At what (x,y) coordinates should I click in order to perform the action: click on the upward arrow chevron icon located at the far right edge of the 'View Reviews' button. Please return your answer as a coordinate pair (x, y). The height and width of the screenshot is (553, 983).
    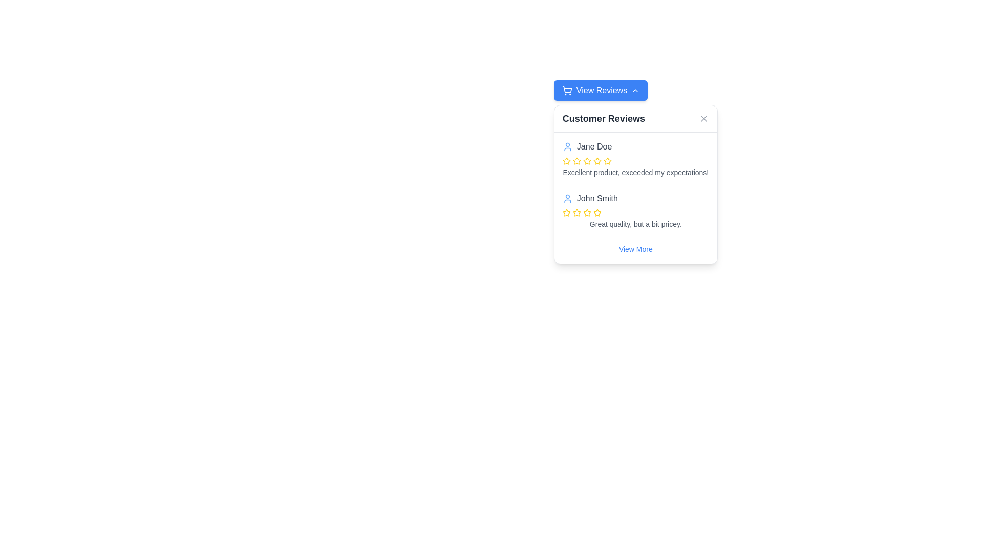
    Looking at the image, I should click on (635, 90).